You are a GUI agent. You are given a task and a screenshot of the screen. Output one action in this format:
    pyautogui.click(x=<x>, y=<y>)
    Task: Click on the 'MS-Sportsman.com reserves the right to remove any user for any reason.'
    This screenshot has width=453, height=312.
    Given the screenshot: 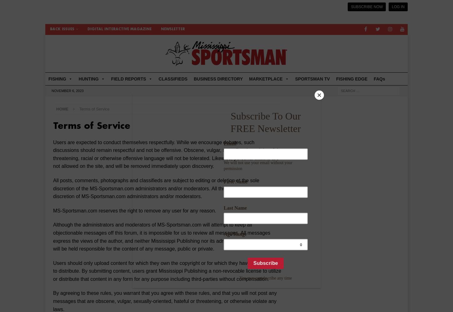 What is the action you would take?
    pyautogui.click(x=134, y=210)
    